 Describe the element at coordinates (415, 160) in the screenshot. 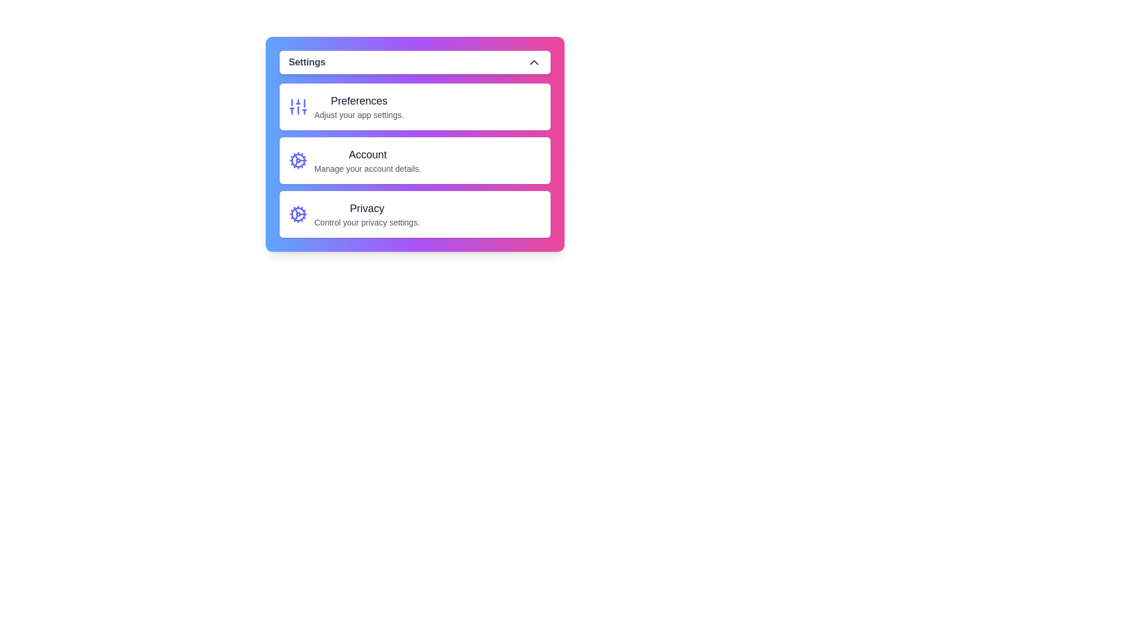

I see `the Account option from the settings menu` at that location.